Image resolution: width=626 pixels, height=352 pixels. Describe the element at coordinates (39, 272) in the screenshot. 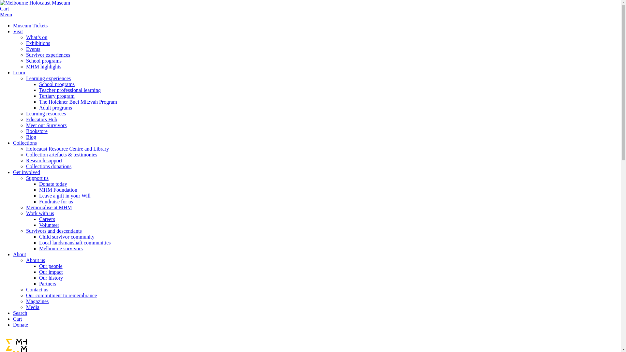

I see `'Our impact'` at that location.